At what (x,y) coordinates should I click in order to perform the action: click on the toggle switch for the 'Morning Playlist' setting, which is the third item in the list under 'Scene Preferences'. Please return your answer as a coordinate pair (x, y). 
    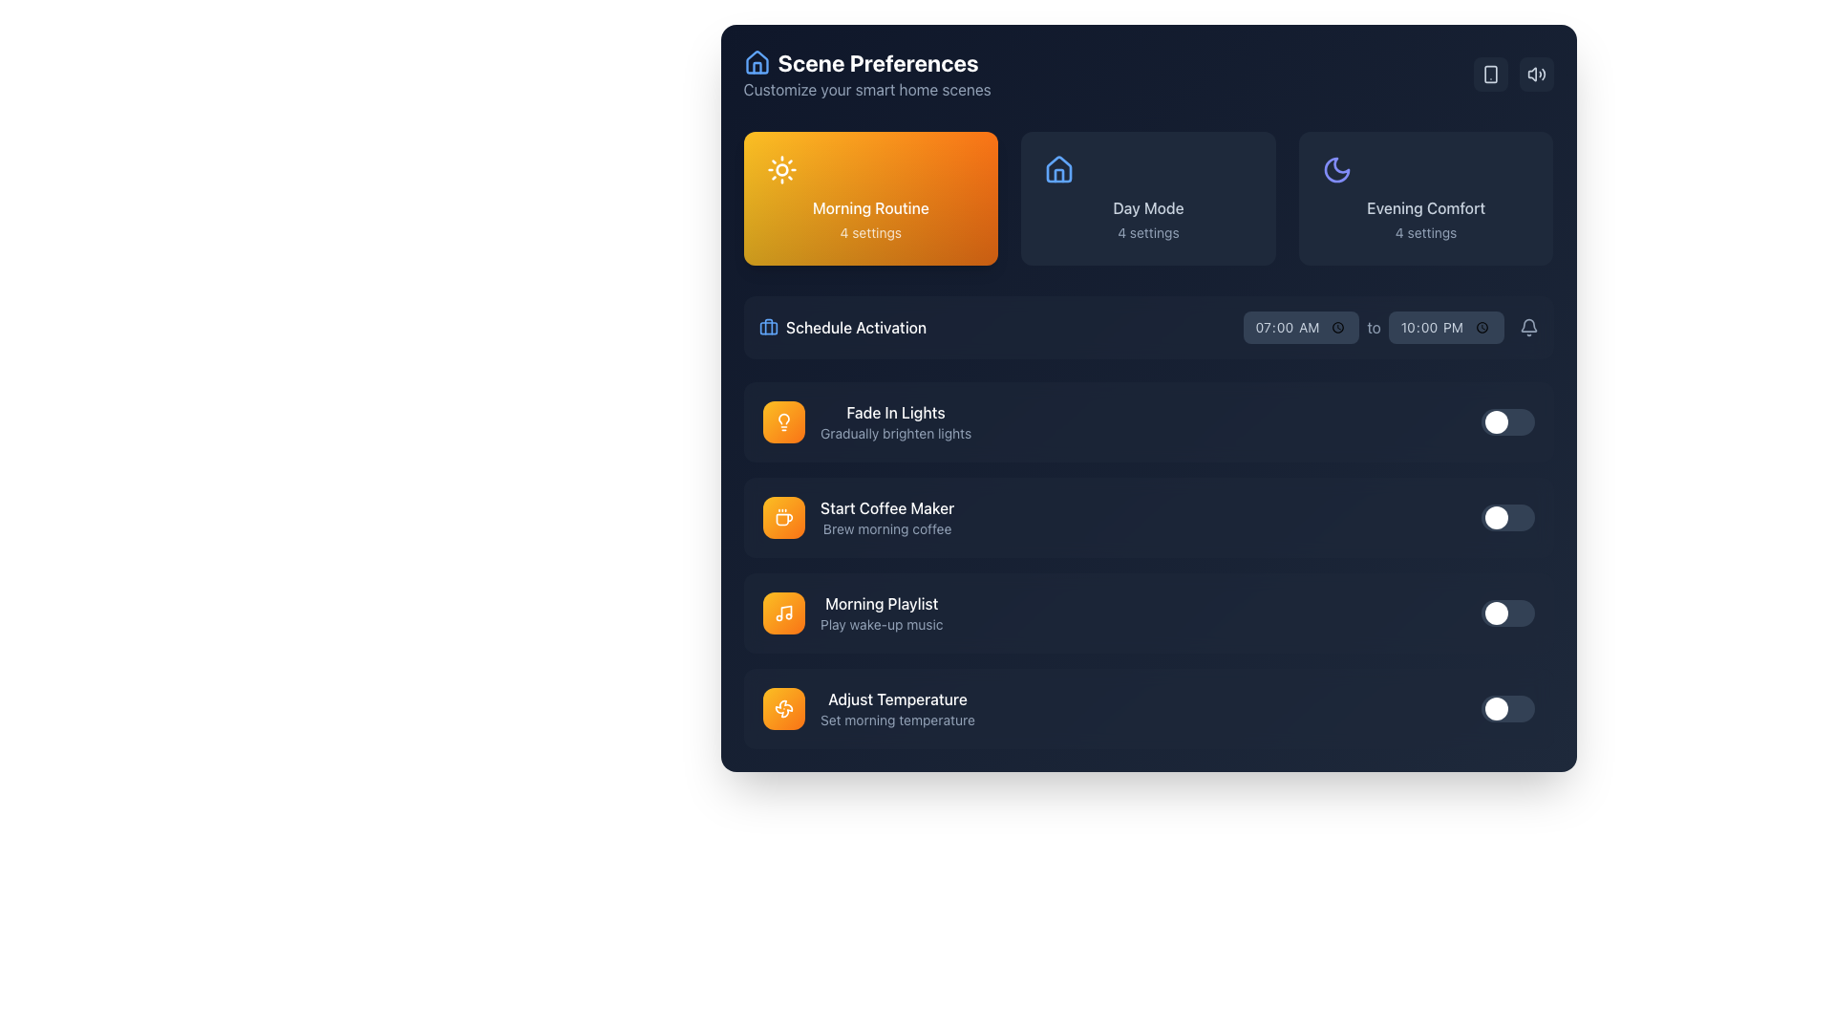
    Looking at the image, I should click on (1147, 564).